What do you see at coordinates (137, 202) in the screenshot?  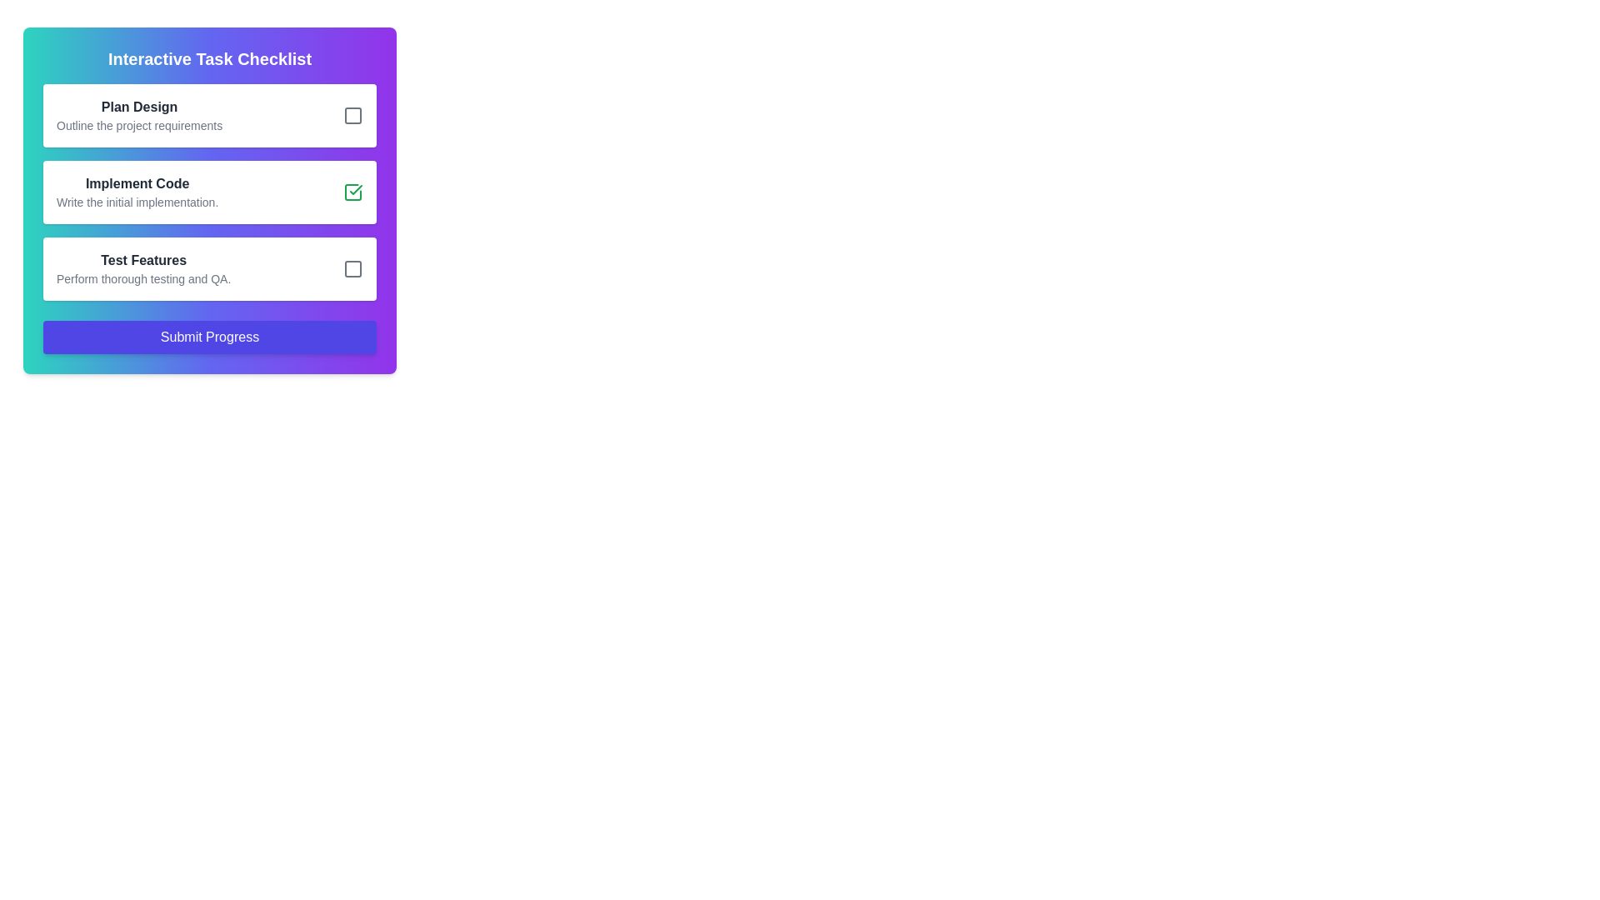 I see `the static text content located beneath the 'Implement Code' heading in the multi-step checklist interface, which is styled in a smaller font size and muted gray color` at bounding box center [137, 202].